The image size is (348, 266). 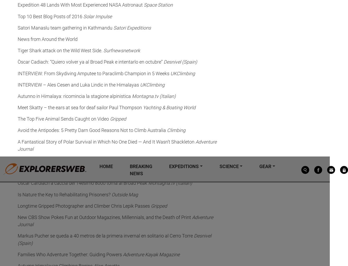 What do you see at coordinates (168, 42) in the screenshot?
I see `'Kristine De Abreu'` at bounding box center [168, 42].